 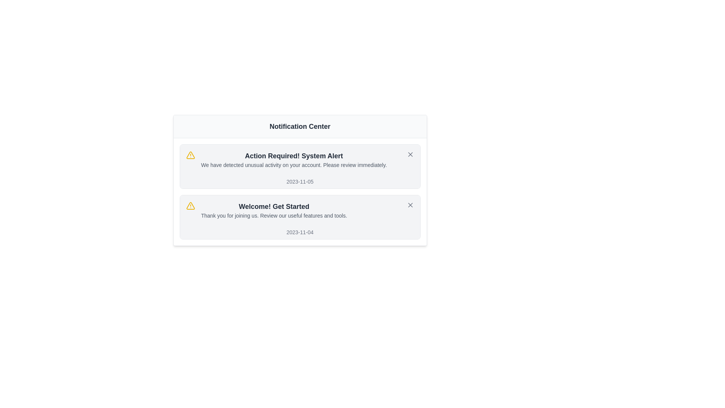 What do you see at coordinates (299, 182) in the screenshot?
I see `the timestamp or date display located inside the card beneath the 'Action Required! System Alert' message in the Notification Center panel` at bounding box center [299, 182].